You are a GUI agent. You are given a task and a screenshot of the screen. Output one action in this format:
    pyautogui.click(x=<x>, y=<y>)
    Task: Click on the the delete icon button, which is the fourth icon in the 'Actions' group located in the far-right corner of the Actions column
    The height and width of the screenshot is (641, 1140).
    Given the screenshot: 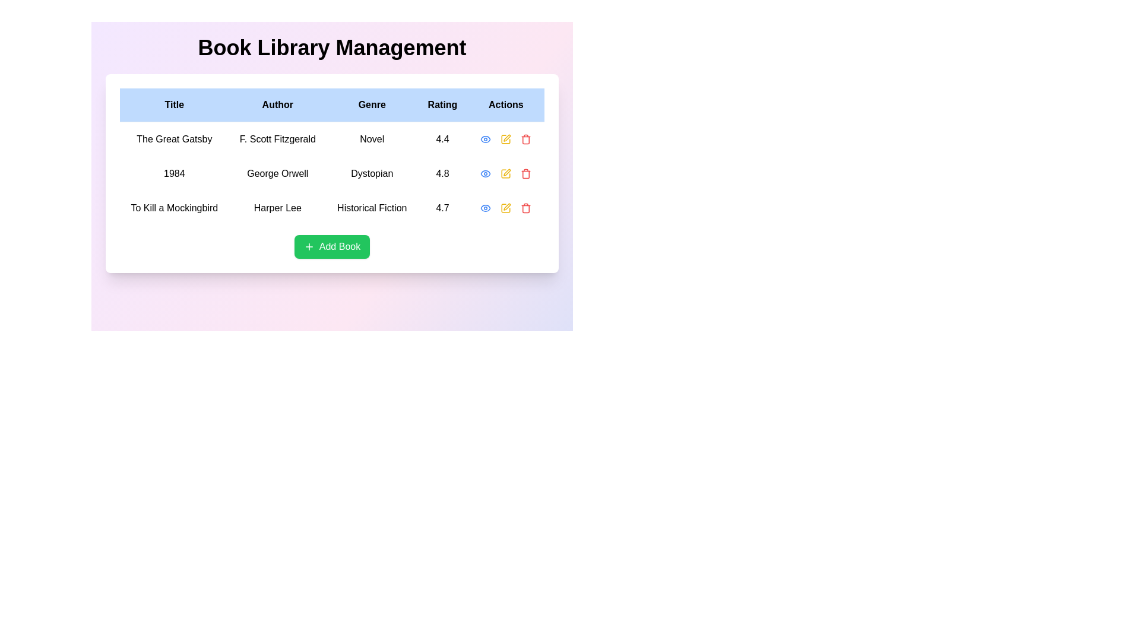 What is the action you would take?
    pyautogui.click(x=525, y=139)
    